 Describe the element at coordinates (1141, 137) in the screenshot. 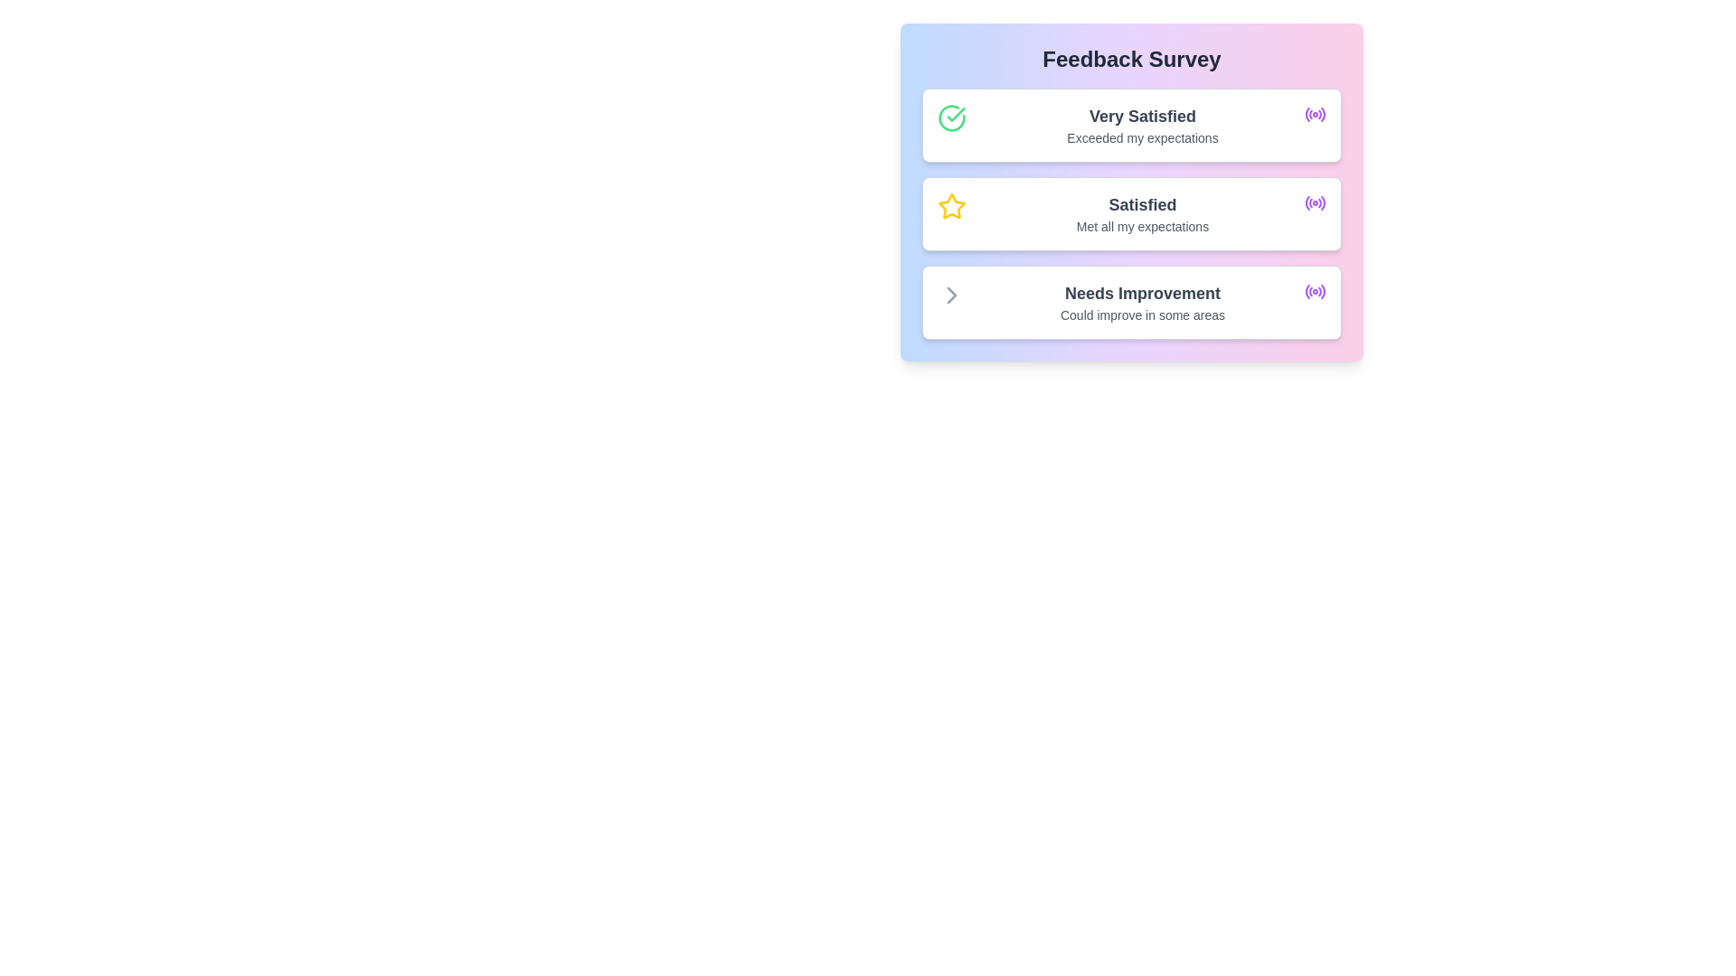

I see `the Text Label that provides additional descriptive context below the 'Very Satisfied' header in the Feedback Survey section` at that location.